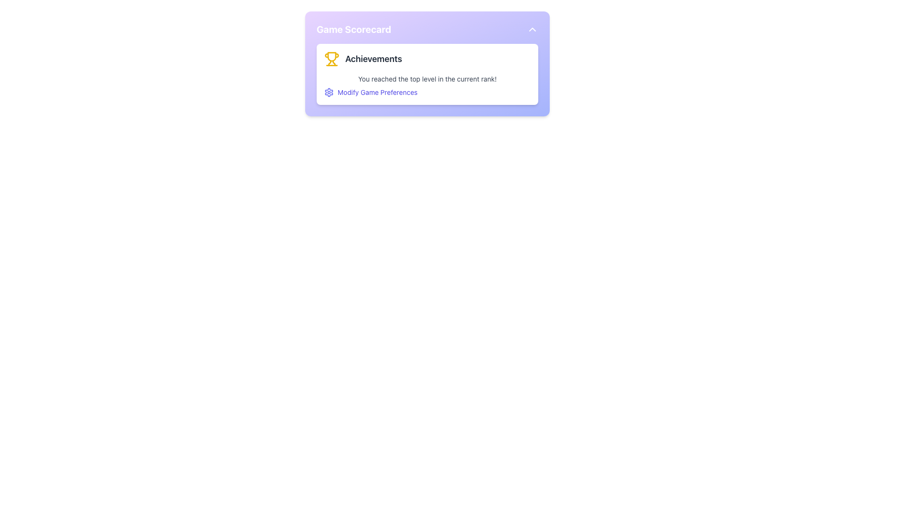 The height and width of the screenshot is (515, 917). Describe the element at coordinates (427, 86) in the screenshot. I see `the 'Modify Game Preferences' link in the achievements section, which is a clickable link styled in blue with underline on hover, located below the header and trophy icon` at that location.